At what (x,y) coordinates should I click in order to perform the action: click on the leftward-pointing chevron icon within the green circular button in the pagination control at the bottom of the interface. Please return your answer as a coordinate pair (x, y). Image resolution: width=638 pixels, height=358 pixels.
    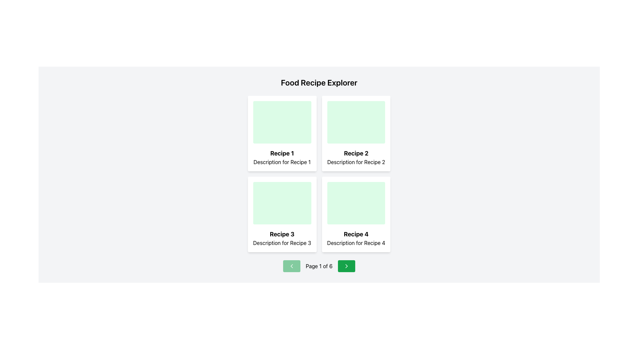
    Looking at the image, I should click on (292, 266).